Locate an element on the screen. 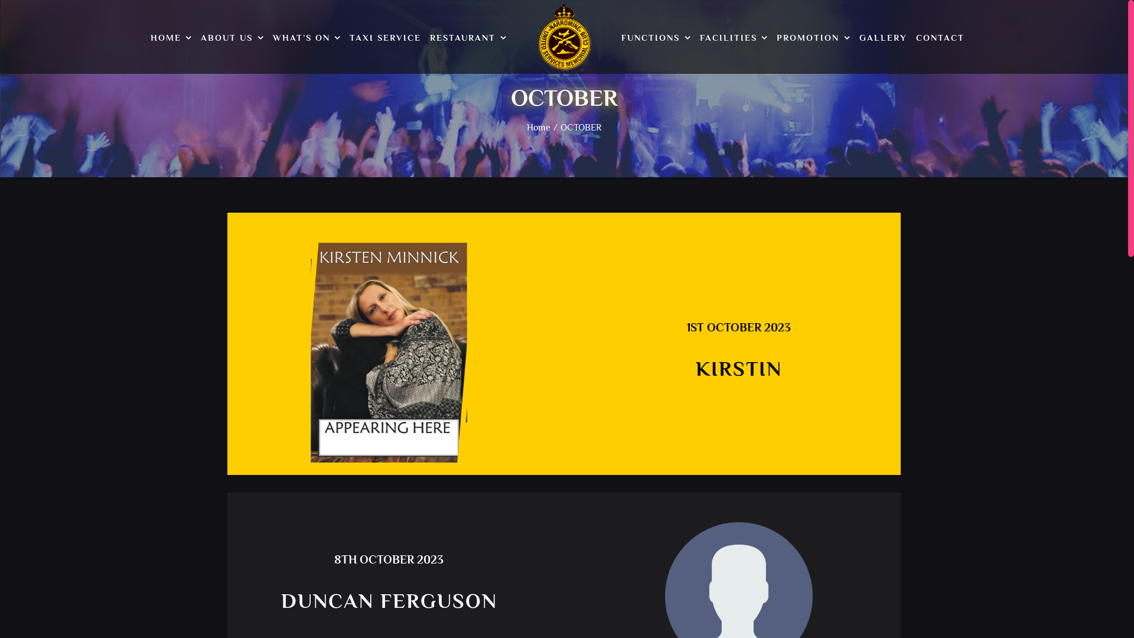 The width and height of the screenshot is (1134, 638). 'CONTACT' is located at coordinates (915, 38).